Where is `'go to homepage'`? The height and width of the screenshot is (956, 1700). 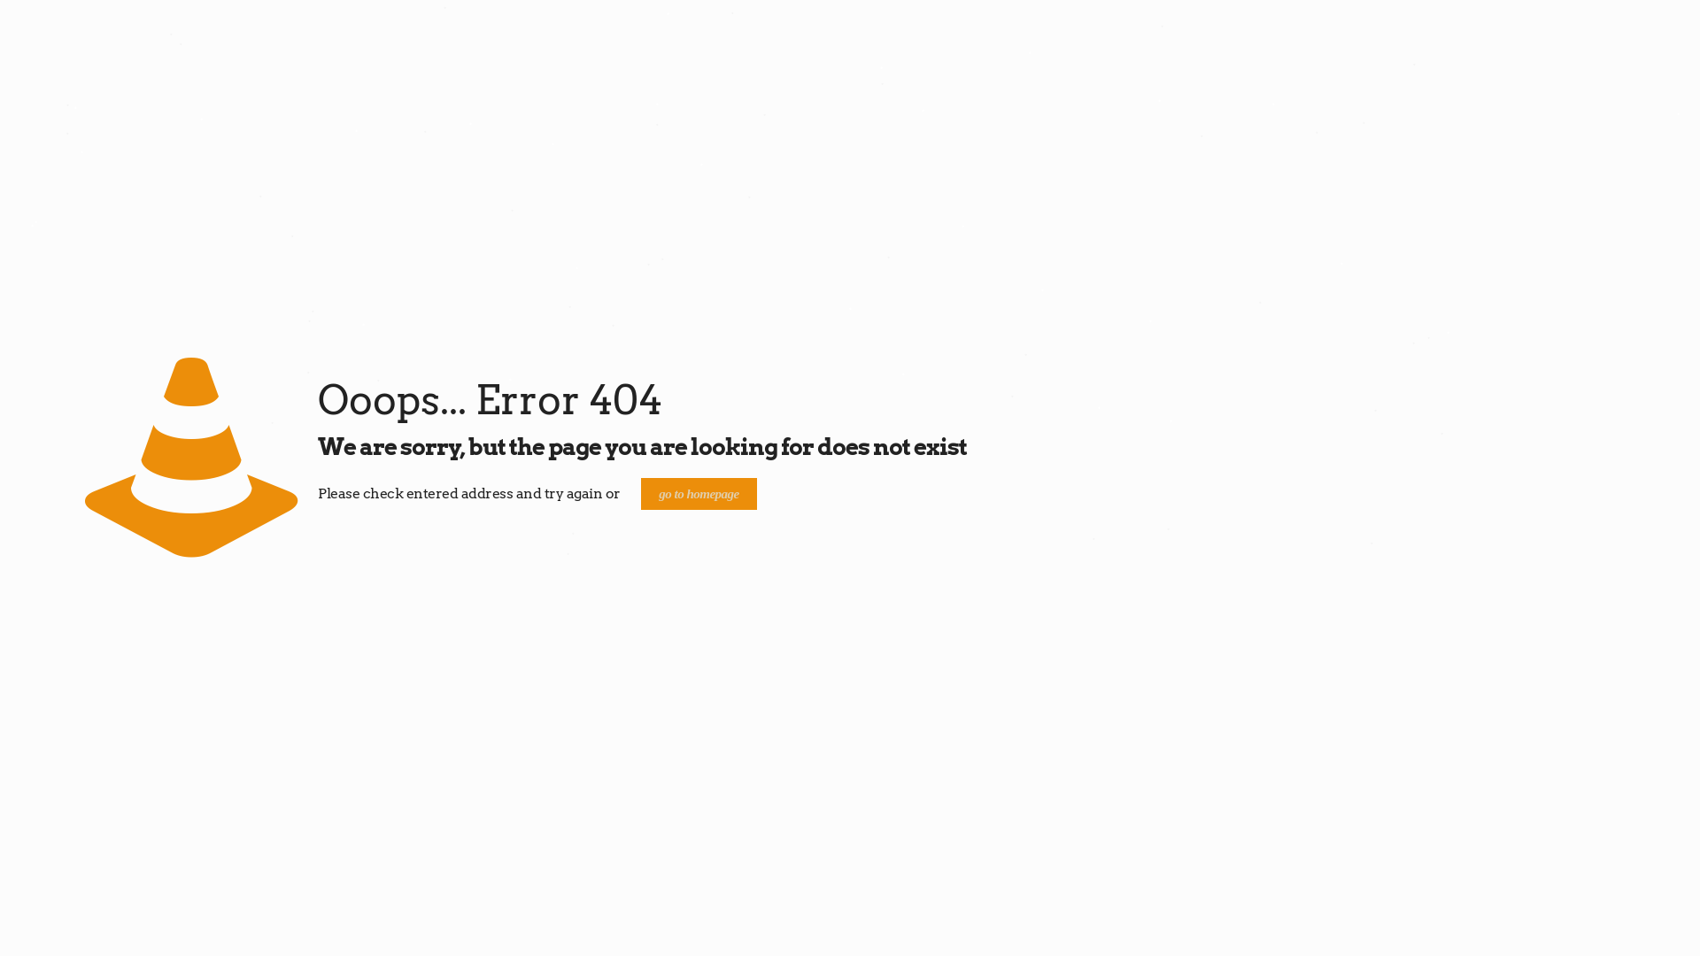 'go to homepage' is located at coordinates (640, 494).